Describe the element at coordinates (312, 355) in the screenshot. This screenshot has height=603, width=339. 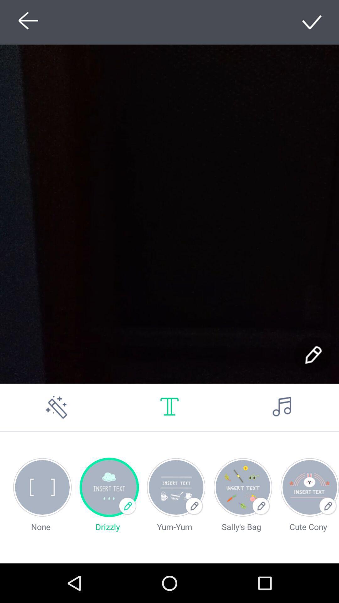
I see `edited it` at that location.